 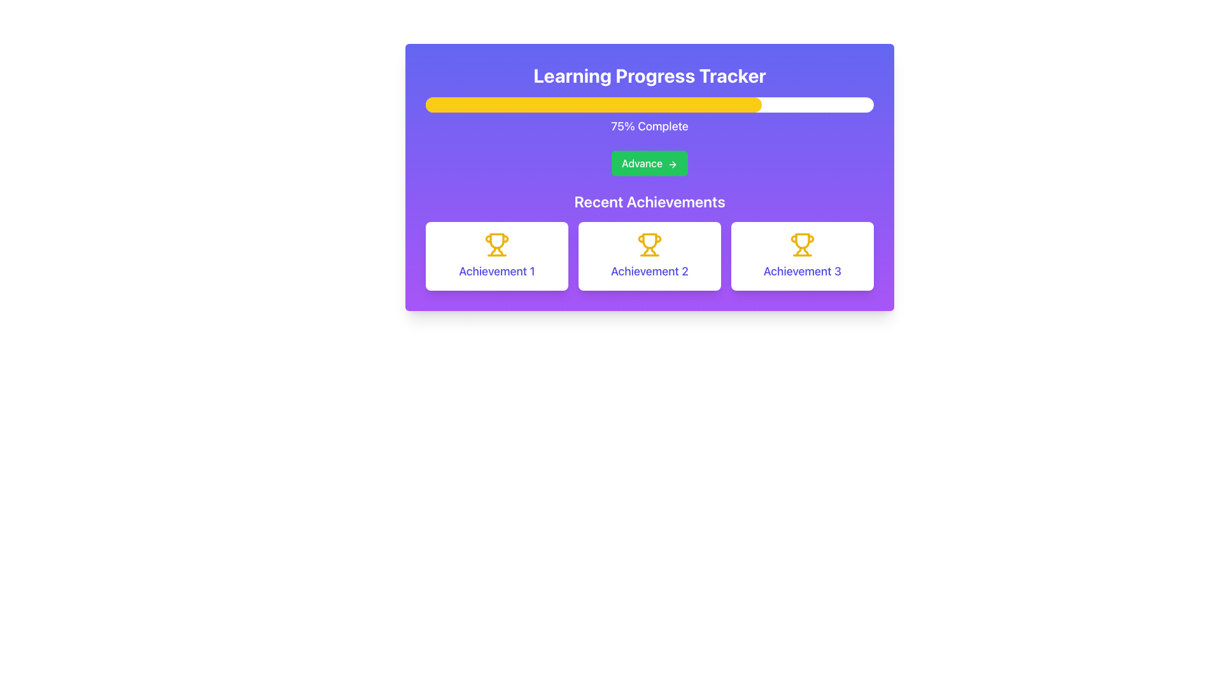 What do you see at coordinates (650, 127) in the screenshot?
I see `the text component that displays the progress percentage, located below a yellow progress bar and above a green button labeled 'Advance ➜'` at bounding box center [650, 127].